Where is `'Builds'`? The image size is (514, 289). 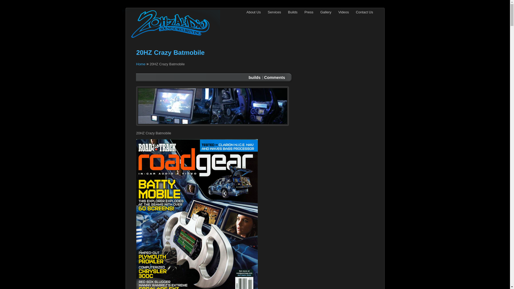
'Builds' is located at coordinates (284, 12).